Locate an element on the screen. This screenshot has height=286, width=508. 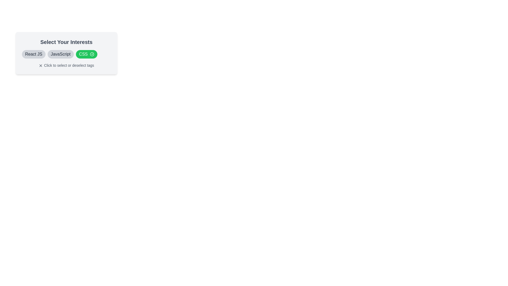
the green rounded rectangular button labeled 'CSS' with a checkmark icon is located at coordinates (87, 54).